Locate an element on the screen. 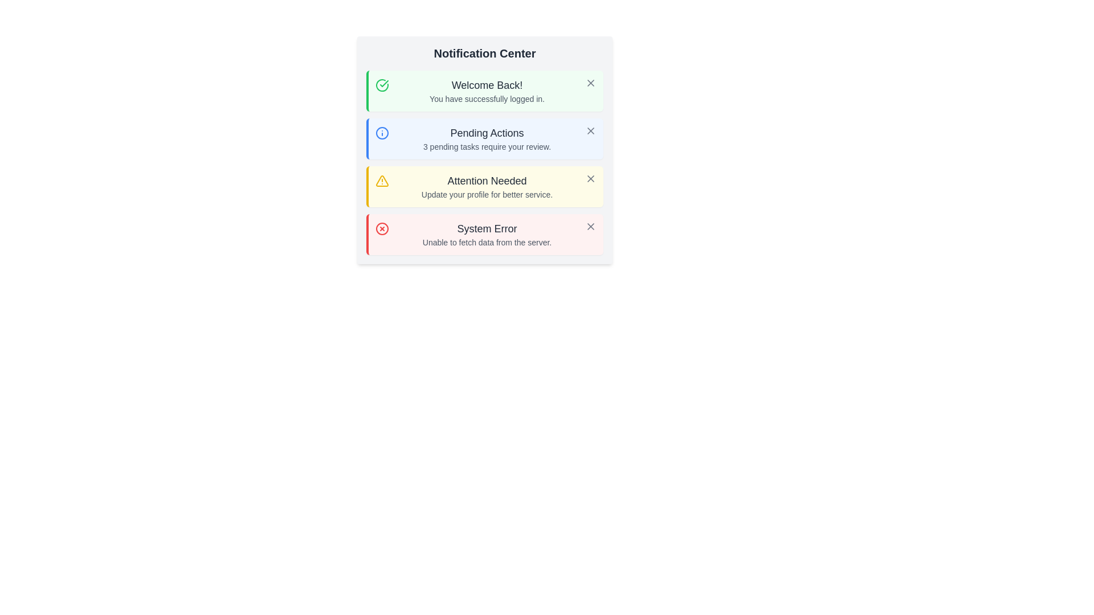 This screenshot has width=1094, height=615. the close button located at the far right of the 'System Error' notification is located at coordinates (590, 226).